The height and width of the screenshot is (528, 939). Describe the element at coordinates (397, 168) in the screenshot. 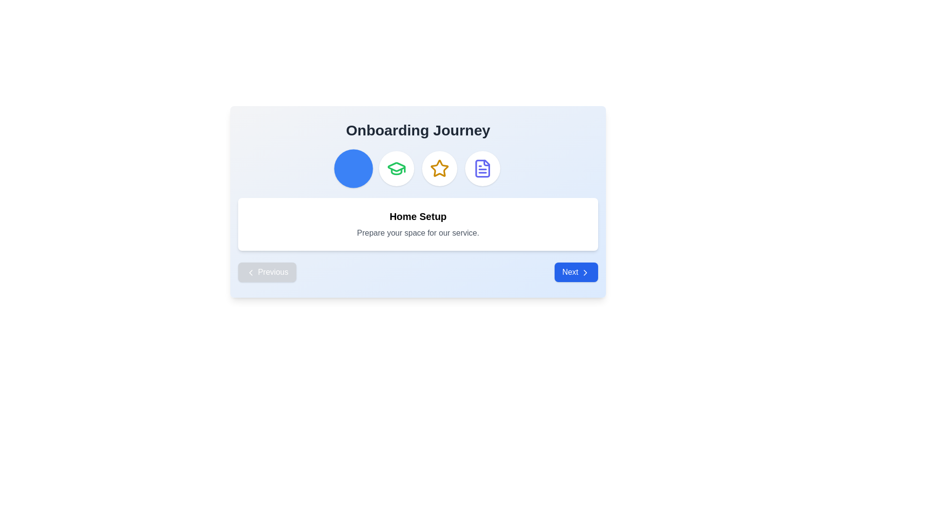

I see `the second icon representing an education or learning-related feature in the onboarding process located at the top center of the interface` at that location.